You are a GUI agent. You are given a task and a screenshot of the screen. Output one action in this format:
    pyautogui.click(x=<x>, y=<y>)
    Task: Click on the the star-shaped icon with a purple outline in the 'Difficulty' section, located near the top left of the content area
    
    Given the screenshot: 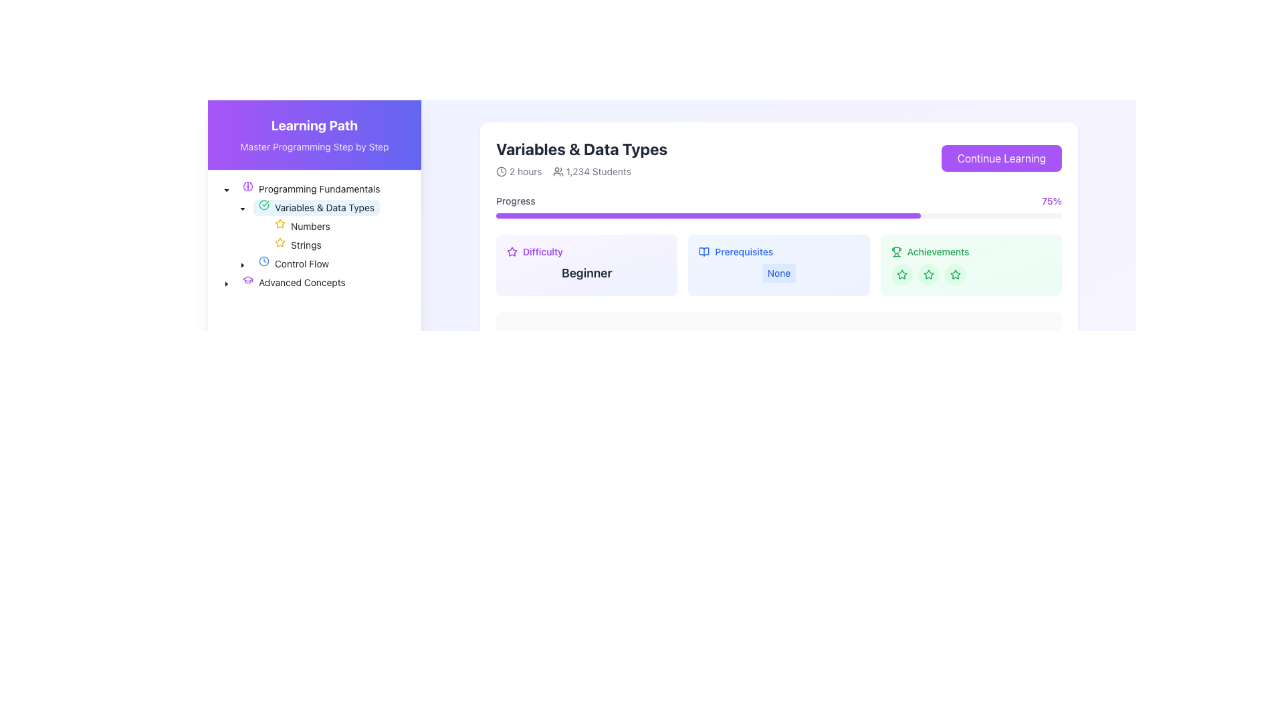 What is the action you would take?
    pyautogui.click(x=512, y=252)
    